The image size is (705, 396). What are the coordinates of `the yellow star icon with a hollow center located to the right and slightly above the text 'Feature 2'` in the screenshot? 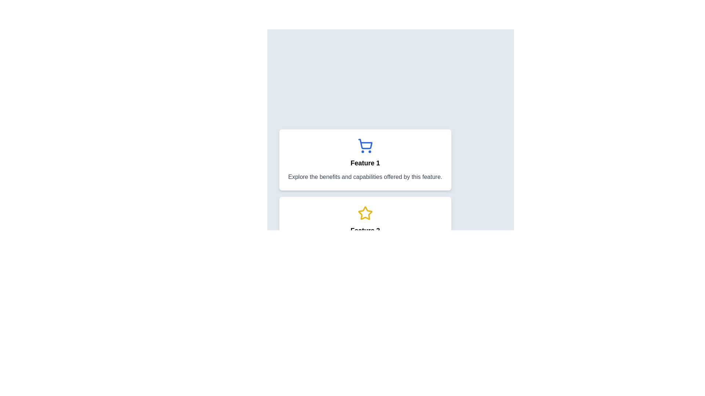 It's located at (365, 213).